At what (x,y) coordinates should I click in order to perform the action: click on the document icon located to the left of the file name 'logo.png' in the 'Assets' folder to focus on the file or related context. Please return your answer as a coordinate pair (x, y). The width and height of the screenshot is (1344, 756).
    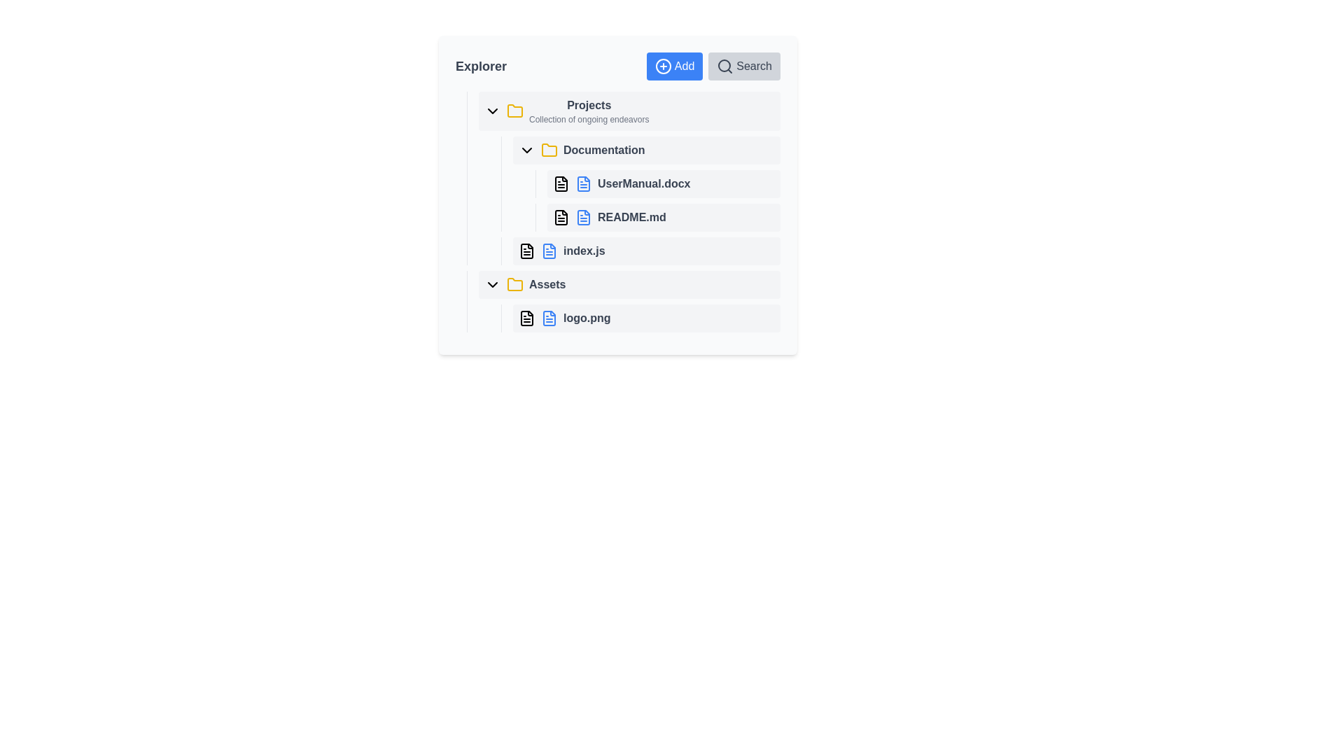
    Looking at the image, I should click on (526, 318).